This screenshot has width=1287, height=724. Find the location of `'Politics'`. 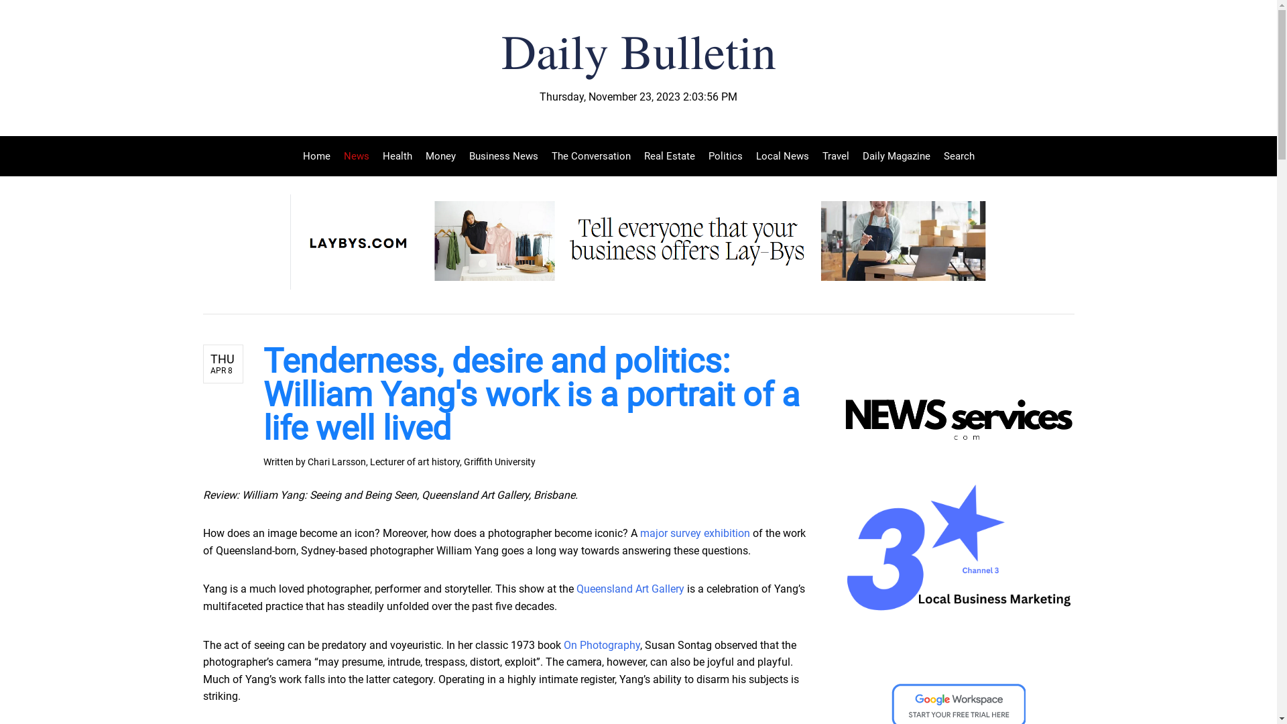

'Politics' is located at coordinates (700, 155).